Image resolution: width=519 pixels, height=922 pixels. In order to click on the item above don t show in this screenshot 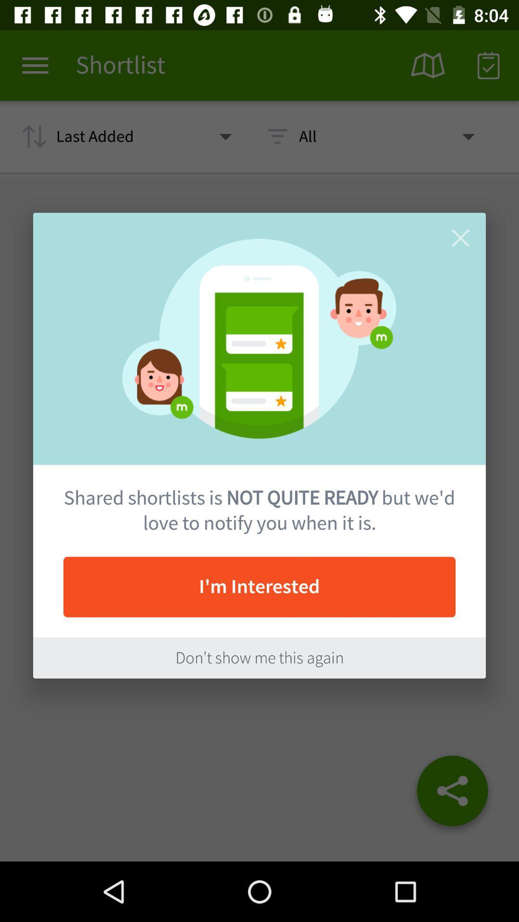, I will do `click(259, 586)`.